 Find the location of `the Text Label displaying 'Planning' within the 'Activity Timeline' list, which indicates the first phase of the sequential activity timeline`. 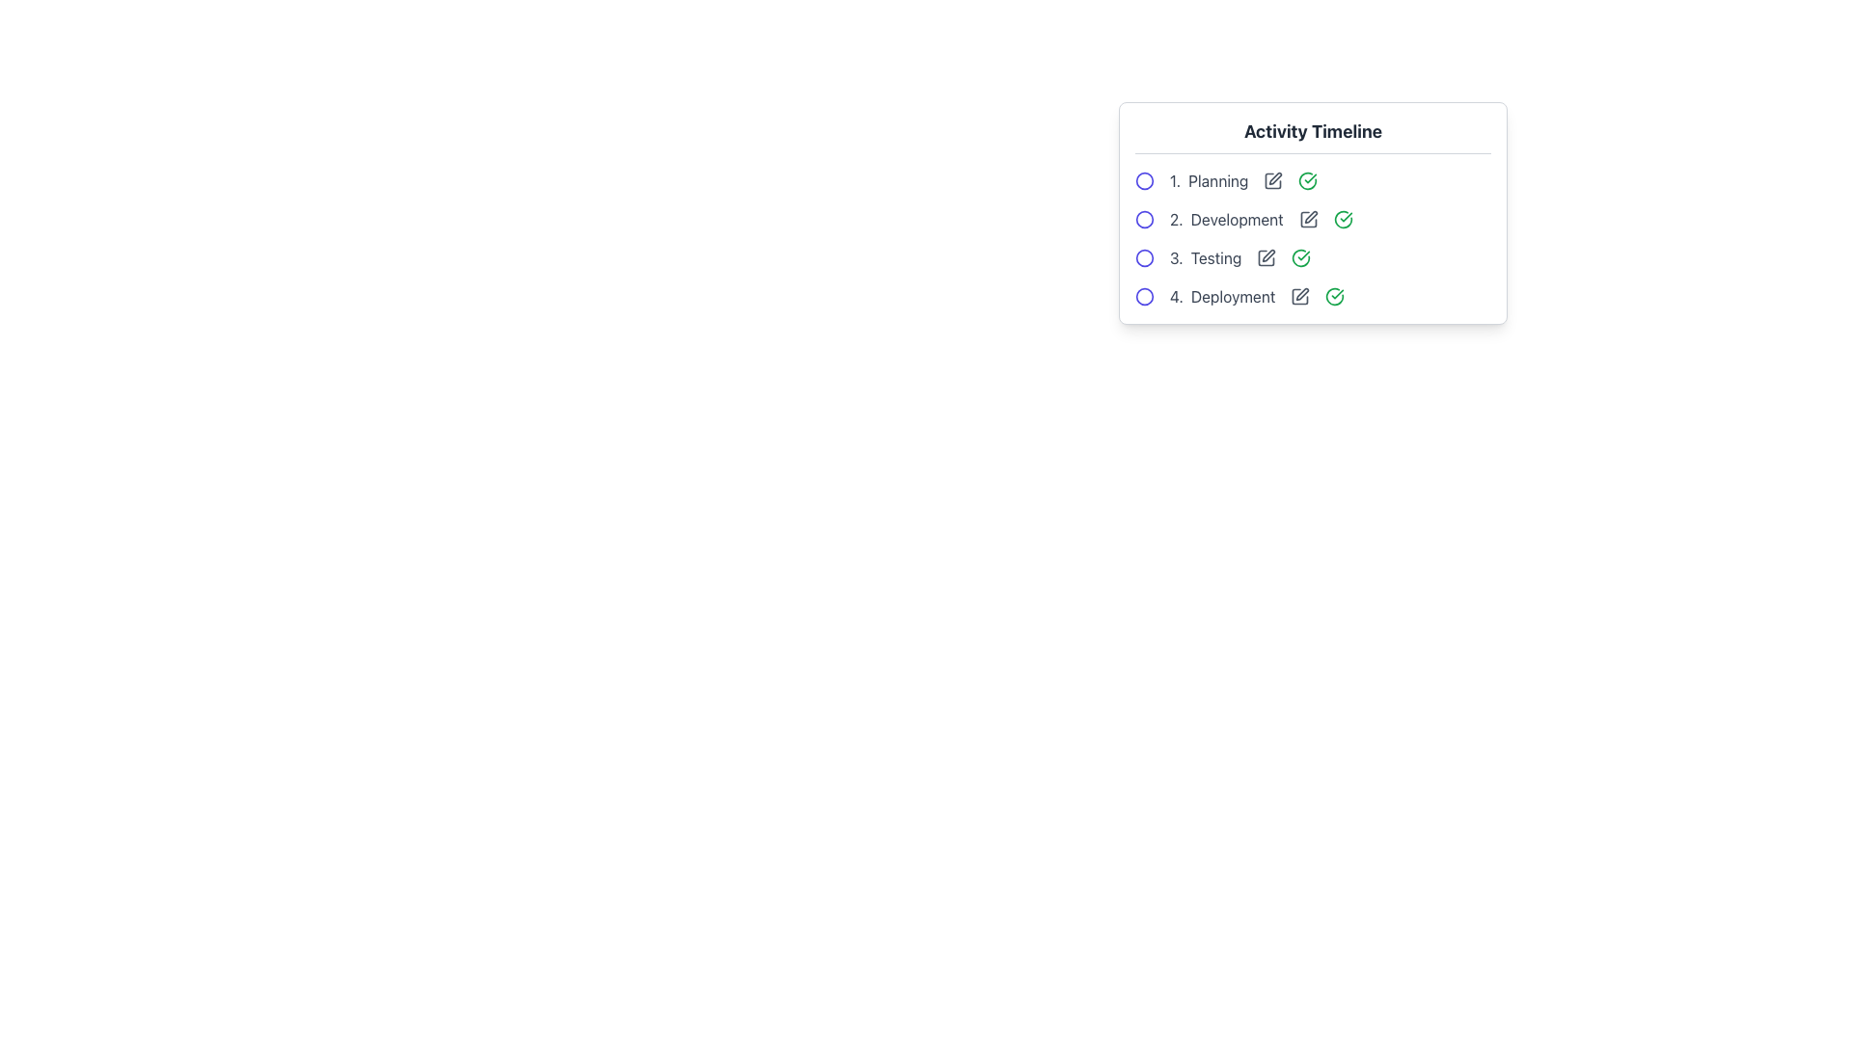

the Text Label displaying 'Planning' within the 'Activity Timeline' list, which indicates the first phase of the sequential activity timeline is located at coordinates (1217, 181).